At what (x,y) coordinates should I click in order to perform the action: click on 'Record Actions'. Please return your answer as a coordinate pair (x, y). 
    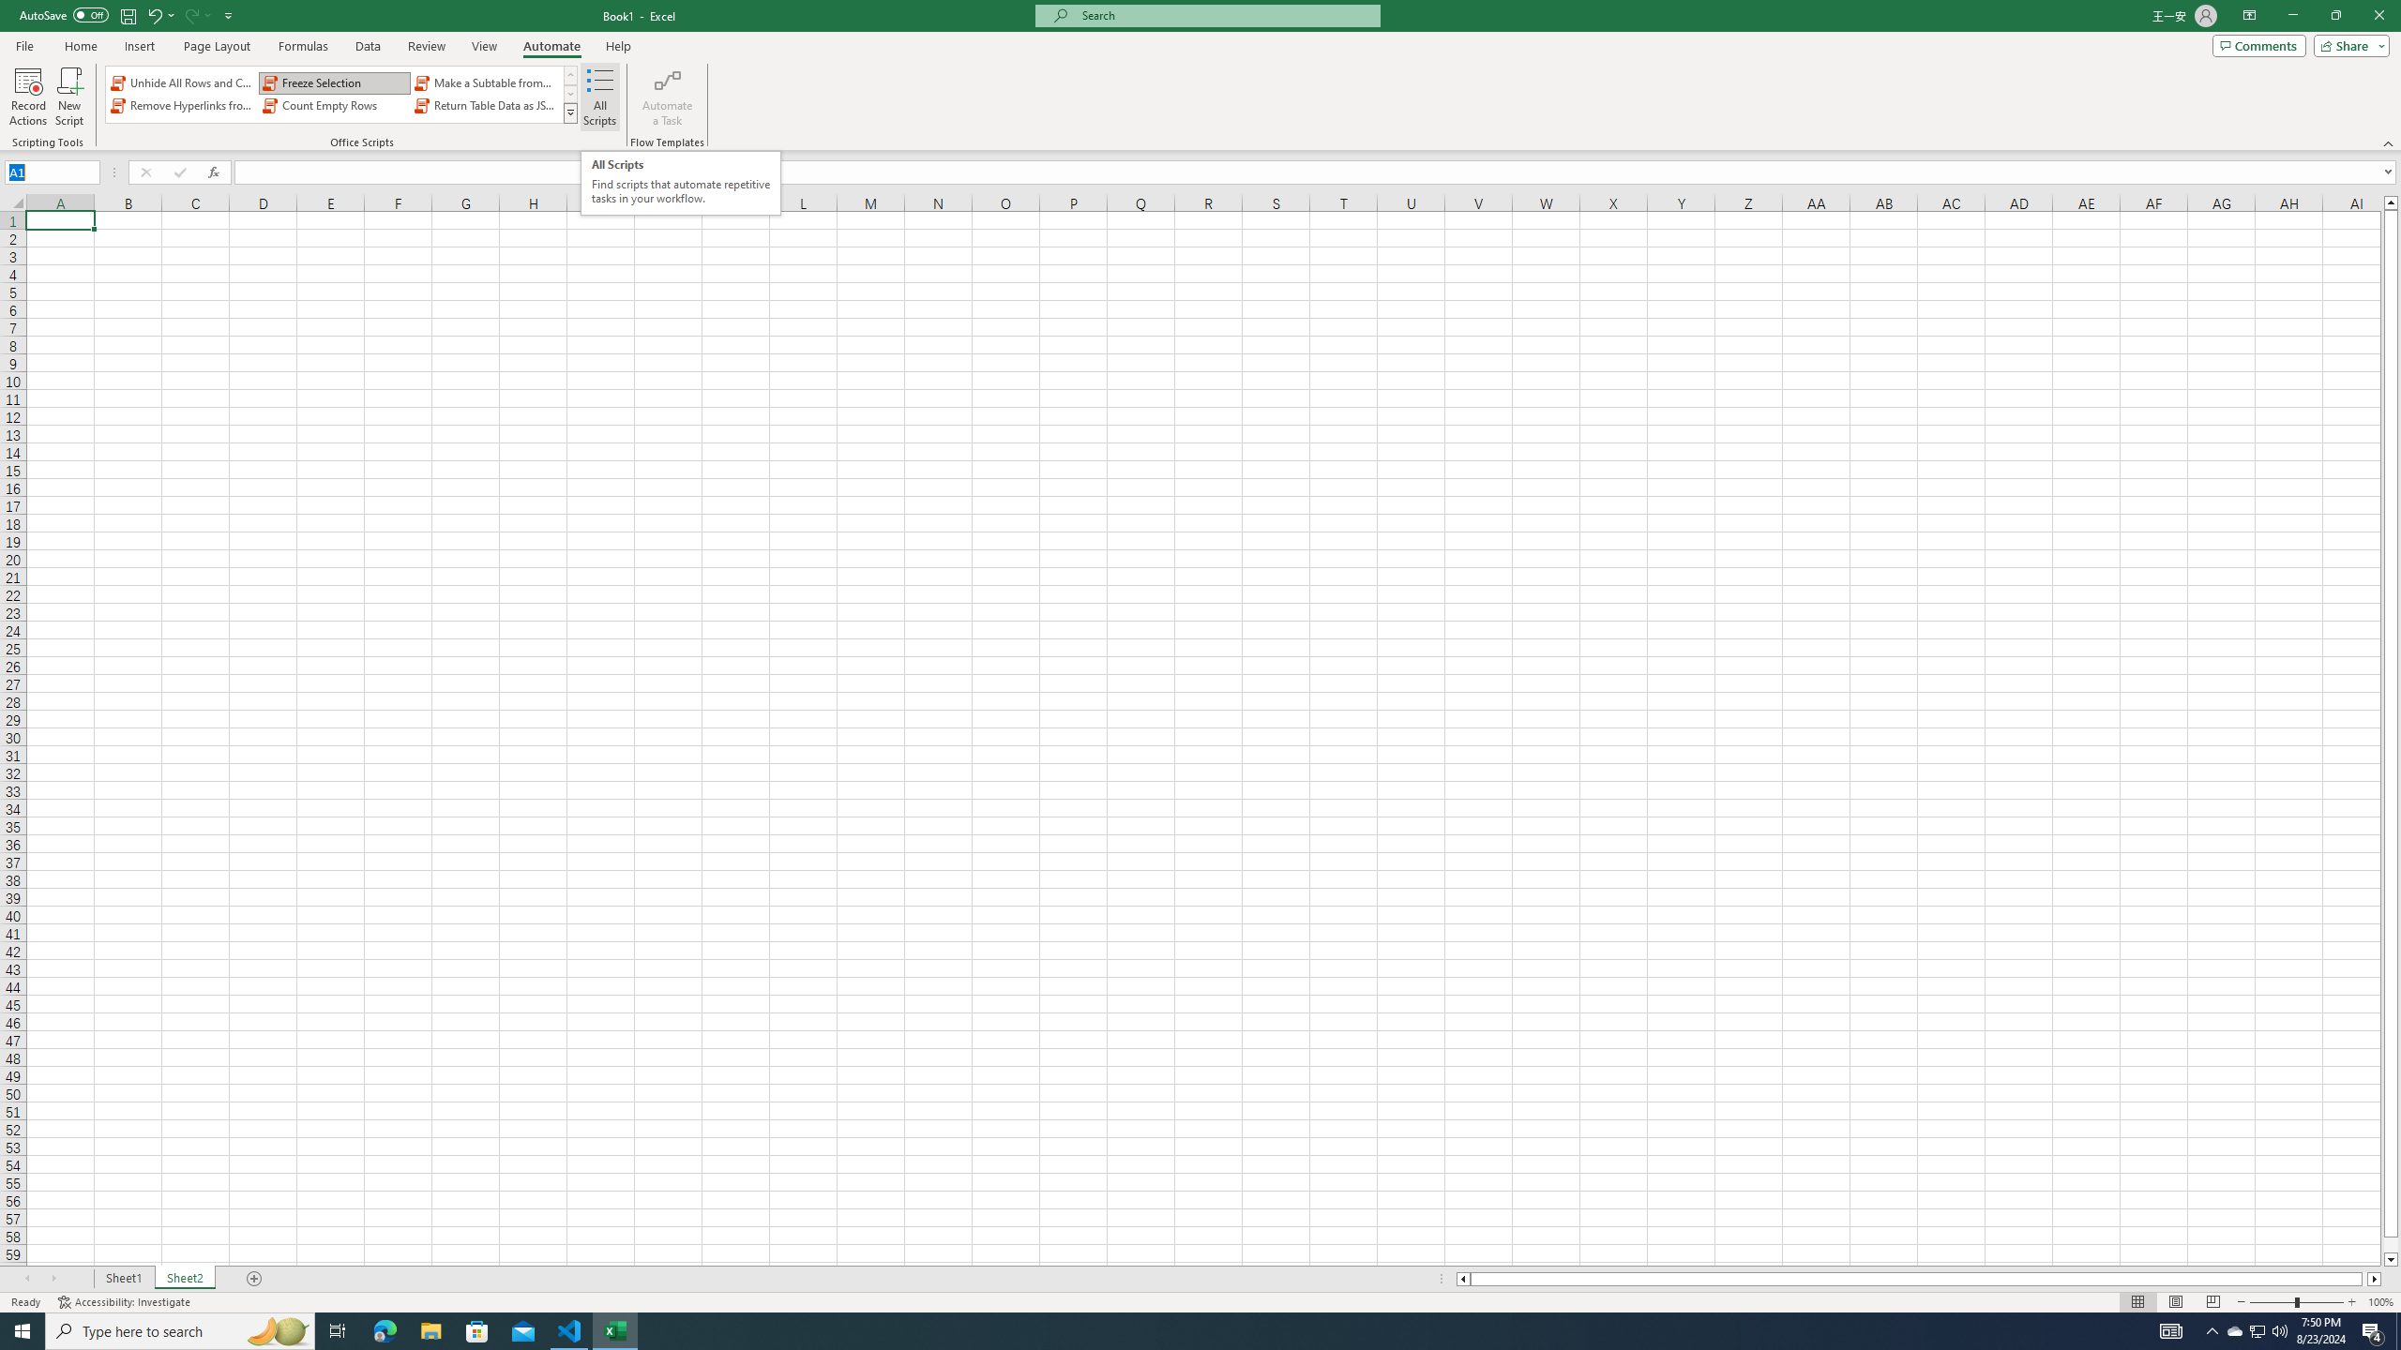
    Looking at the image, I should click on (27, 97).